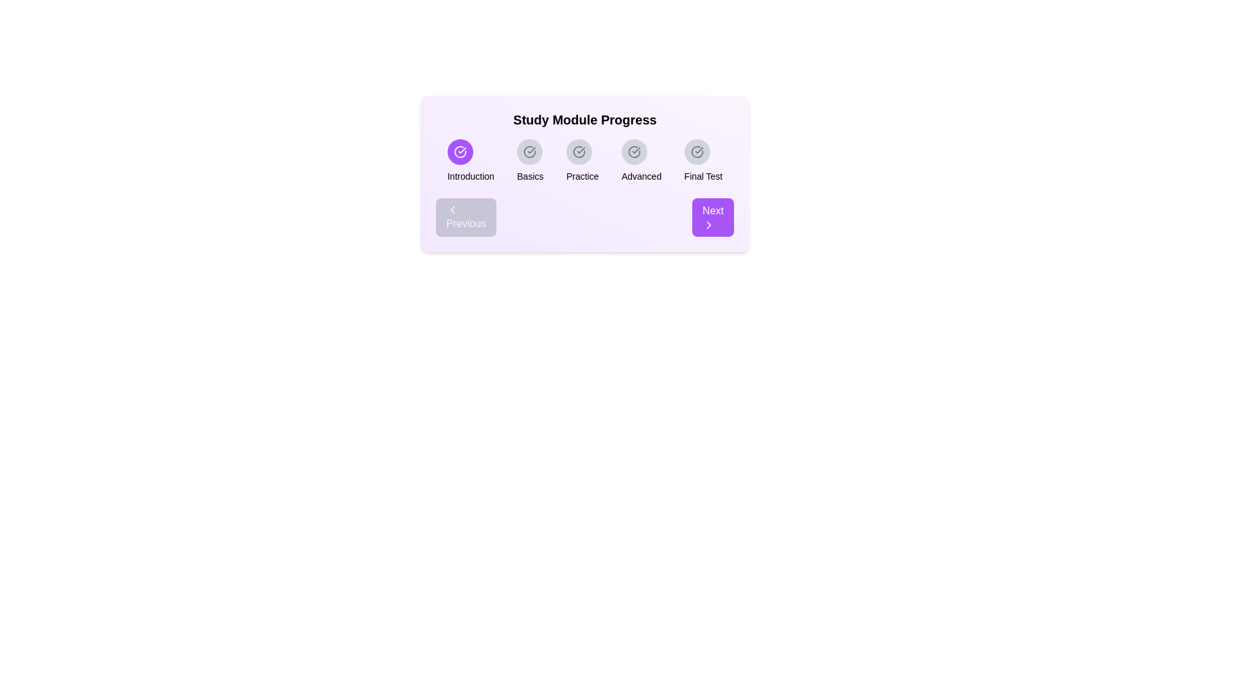 This screenshot has width=1233, height=693. I want to click on the circular progress indicator with a checkmark icon in the 'Study Module Progress' section, which is the fourth item from the left labeled 'Advanced', so click(634, 151).